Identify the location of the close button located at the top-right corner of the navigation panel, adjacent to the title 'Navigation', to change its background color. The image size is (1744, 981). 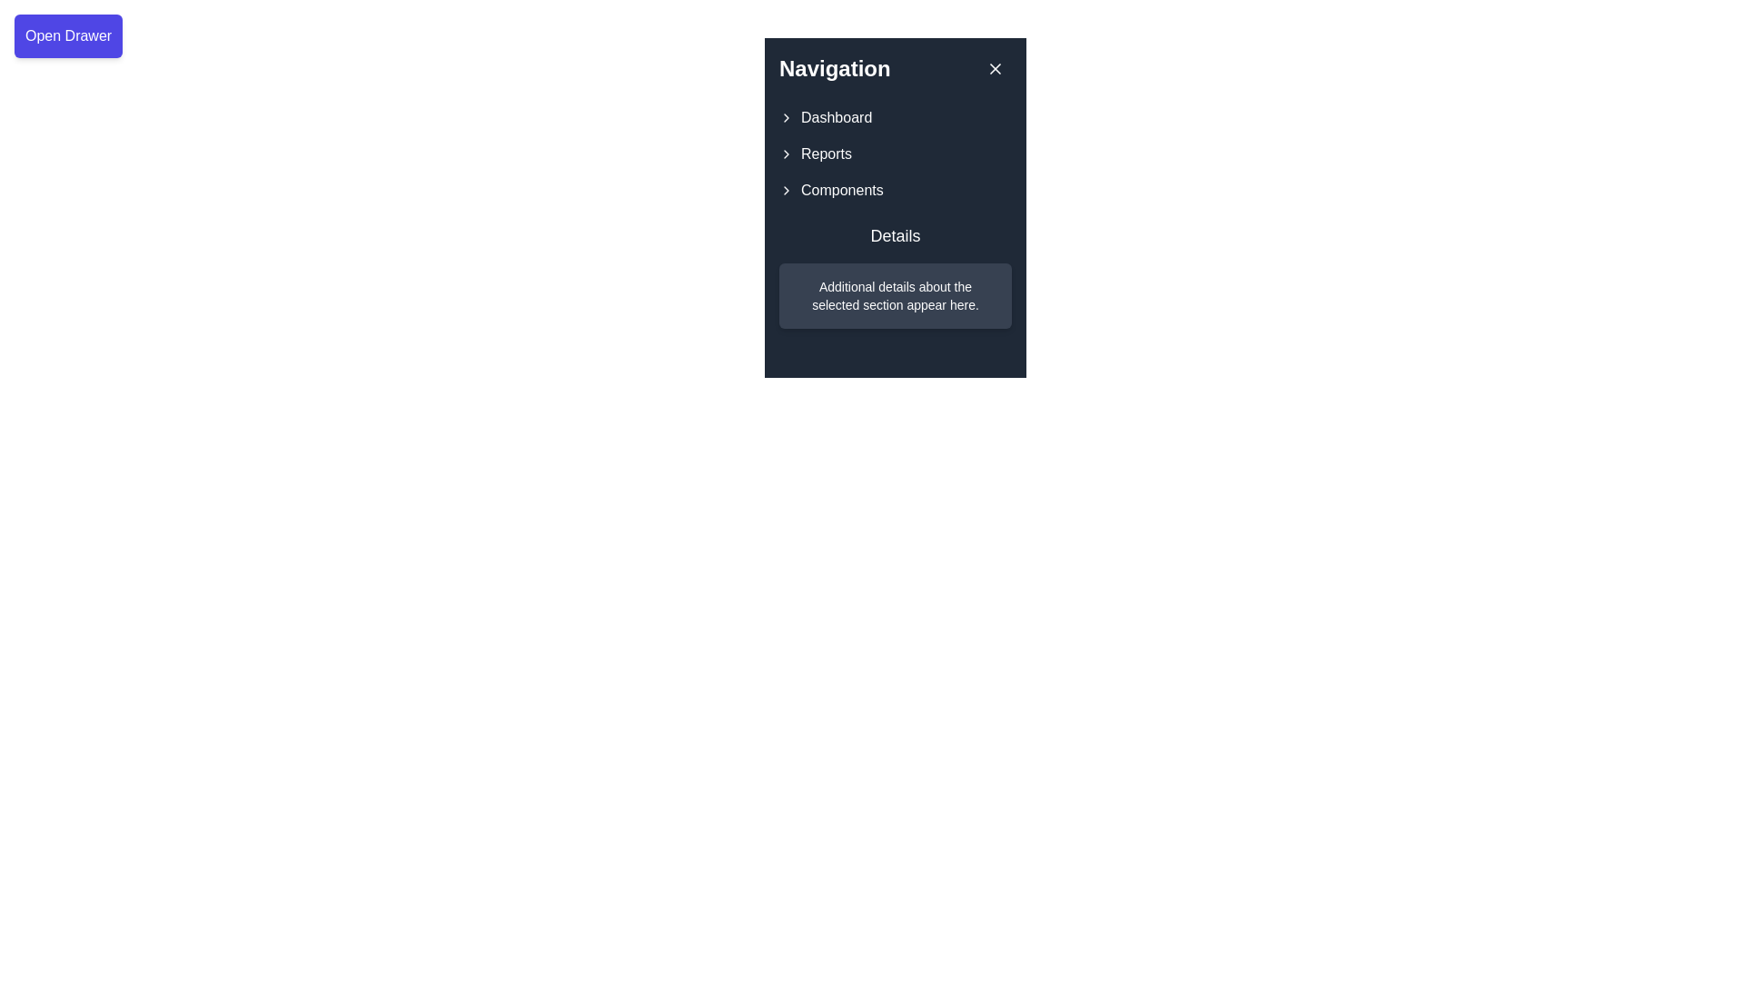
(994, 68).